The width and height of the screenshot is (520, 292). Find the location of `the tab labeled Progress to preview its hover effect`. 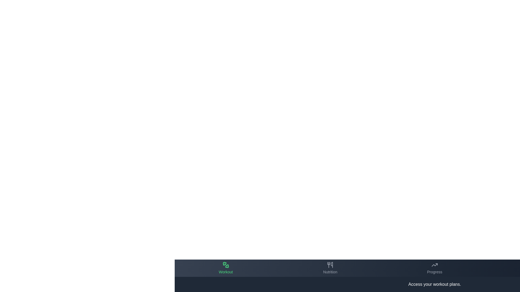

the tab labeled Progress to preview its hover effect is located at coordinates (434, 268).